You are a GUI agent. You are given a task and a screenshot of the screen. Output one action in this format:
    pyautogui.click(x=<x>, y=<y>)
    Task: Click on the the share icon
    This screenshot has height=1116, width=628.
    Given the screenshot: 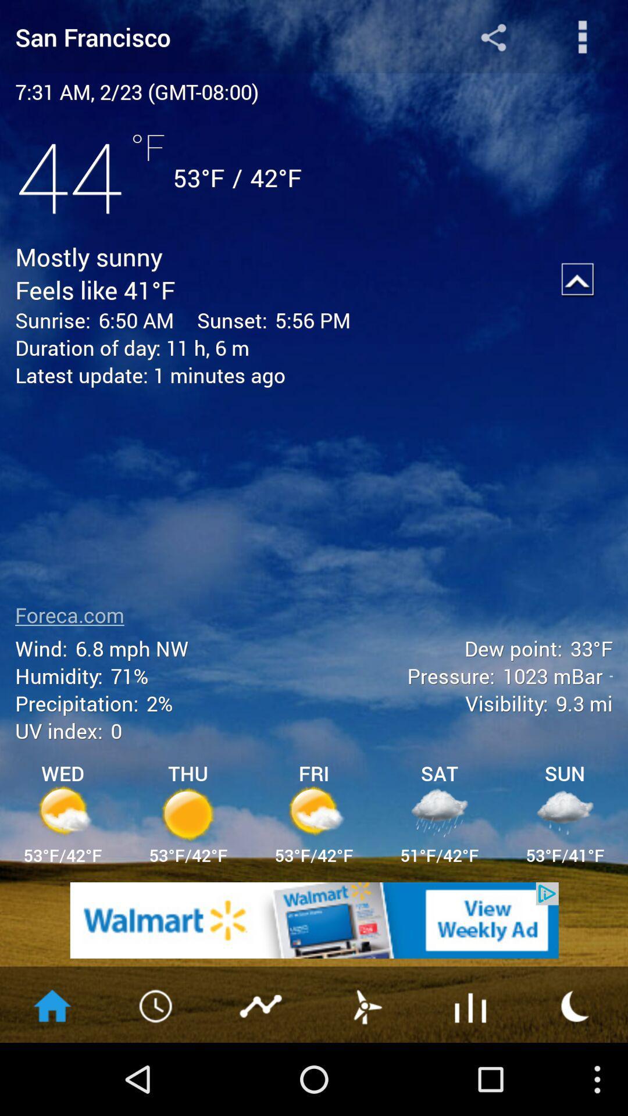 What is the action you would take?
    pyautogui.click(x=493, y=40)
    